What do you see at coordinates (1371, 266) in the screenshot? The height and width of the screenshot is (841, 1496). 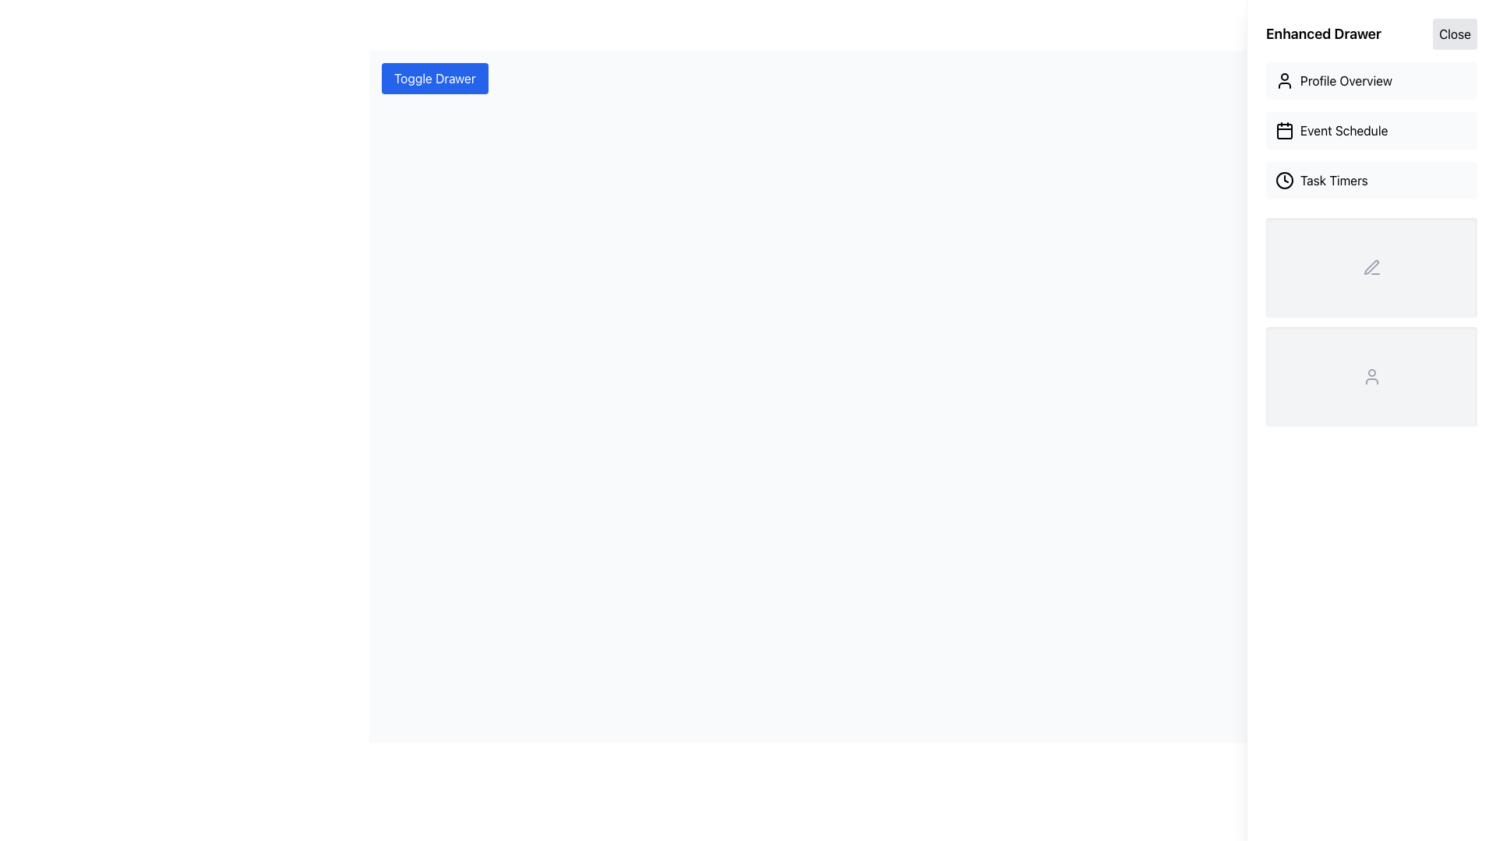 I see `the edit icon located in the enhanced drawer on the right side of the interface, specifically within the second card` at bounding box center [1371, 266].